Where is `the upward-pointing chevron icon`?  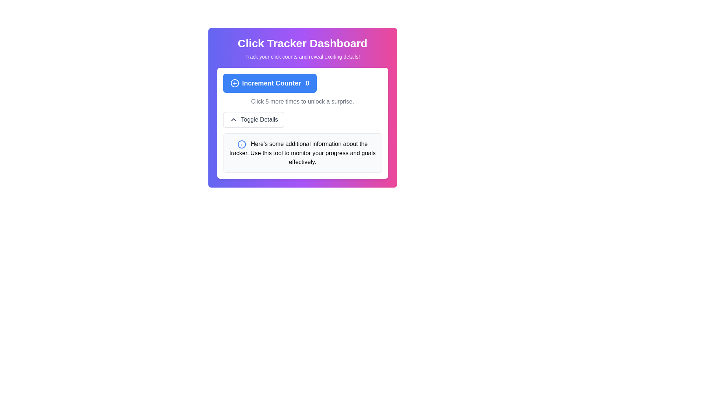 the upward-pointing chevron icon is located at coordinates (233, 119).